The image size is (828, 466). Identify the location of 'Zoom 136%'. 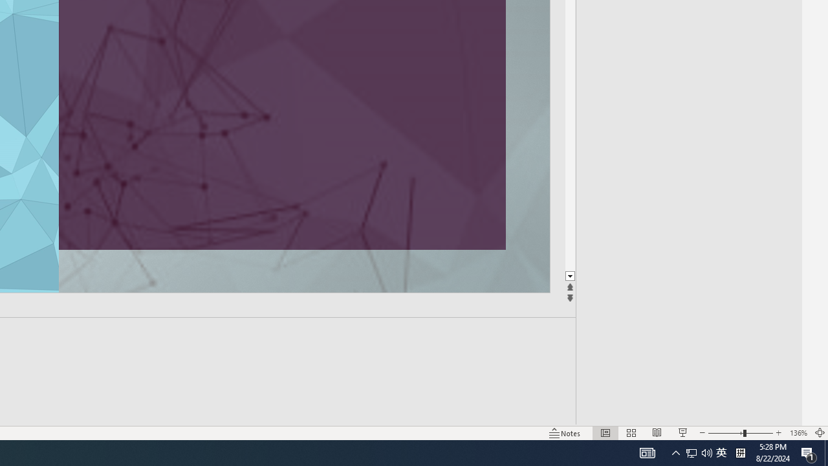
(798, 433).